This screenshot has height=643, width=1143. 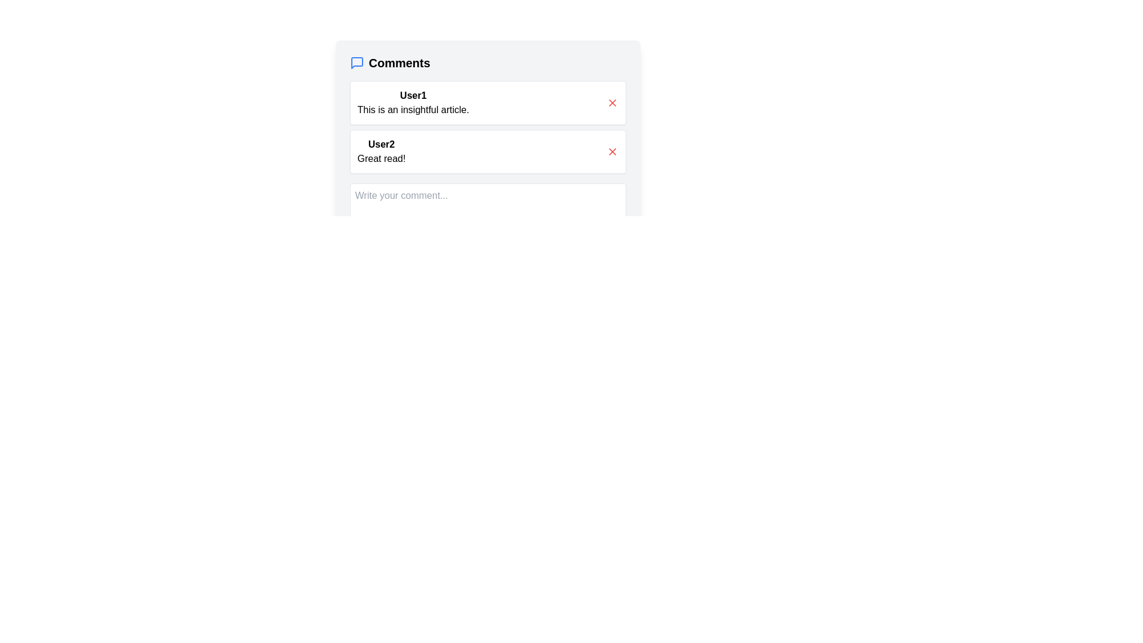 What do you see at coordinates (381, 144) in the screenshot?
I see `the bold static text displaying the username 'User2' located at the top end of the comment box` at bounding box center [381, 144].